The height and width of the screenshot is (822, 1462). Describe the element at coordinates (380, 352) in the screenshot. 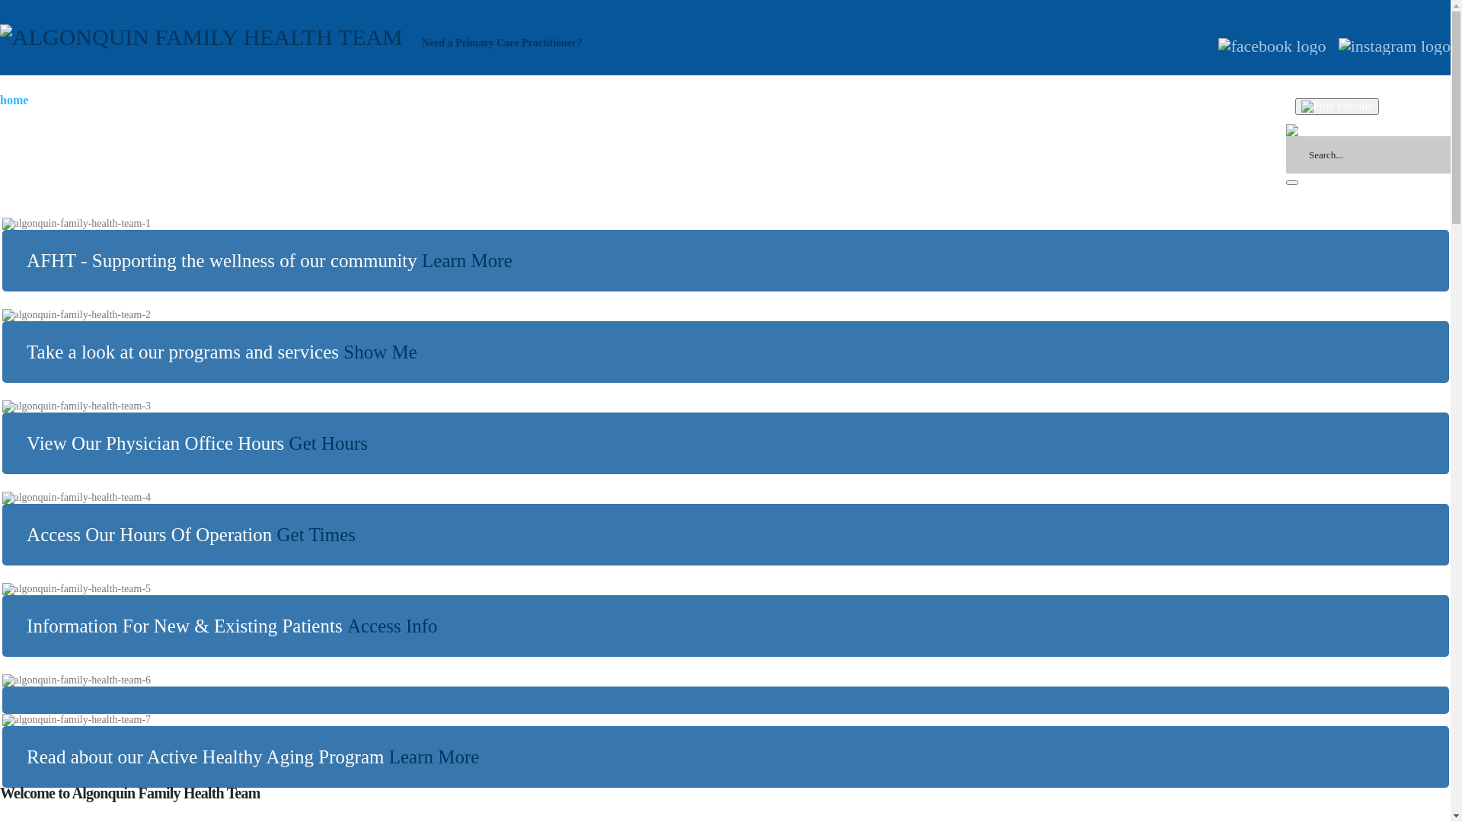

I see `'Link: Programs and Services` at that location.